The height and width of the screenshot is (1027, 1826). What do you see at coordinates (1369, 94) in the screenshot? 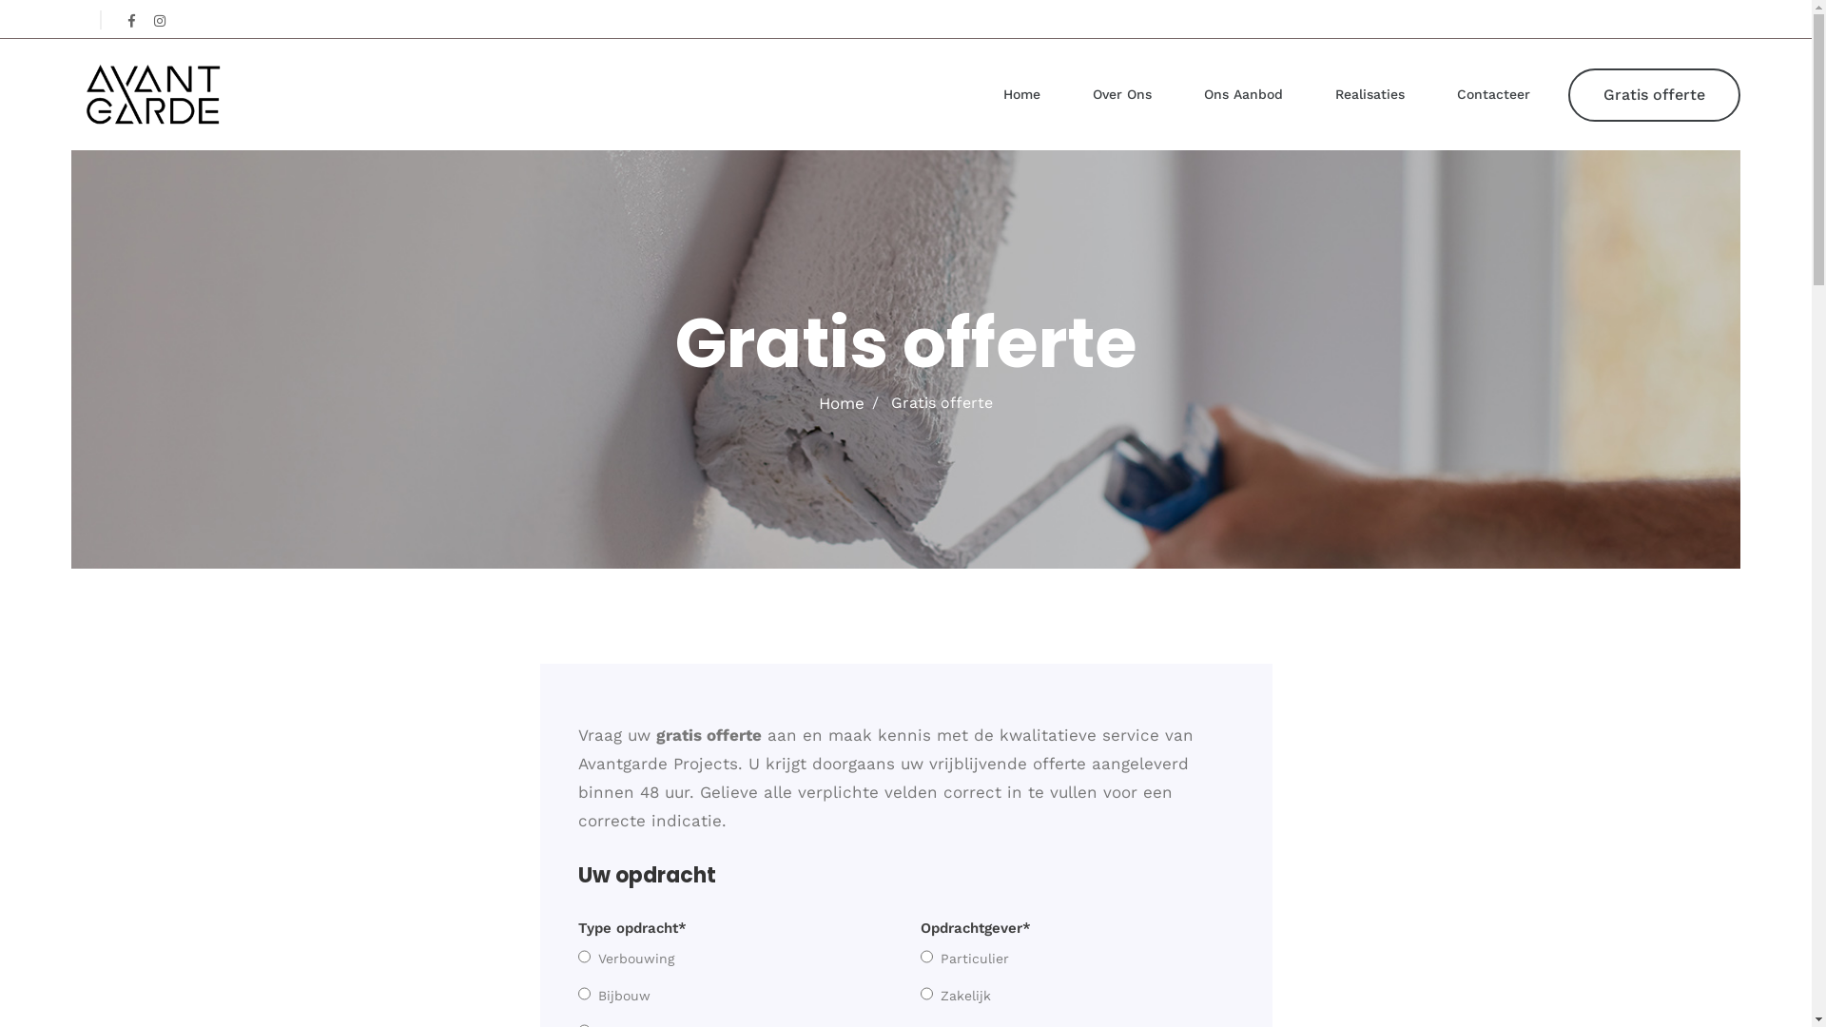
I see `'Realisaties'` at bounding box center [1369, 94].